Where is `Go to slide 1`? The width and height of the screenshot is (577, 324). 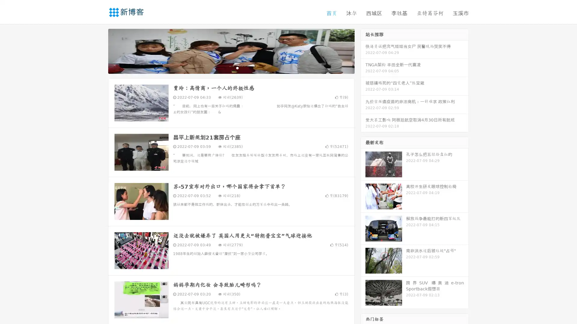
Go to slide 1 is located at coordinates (225, 67).